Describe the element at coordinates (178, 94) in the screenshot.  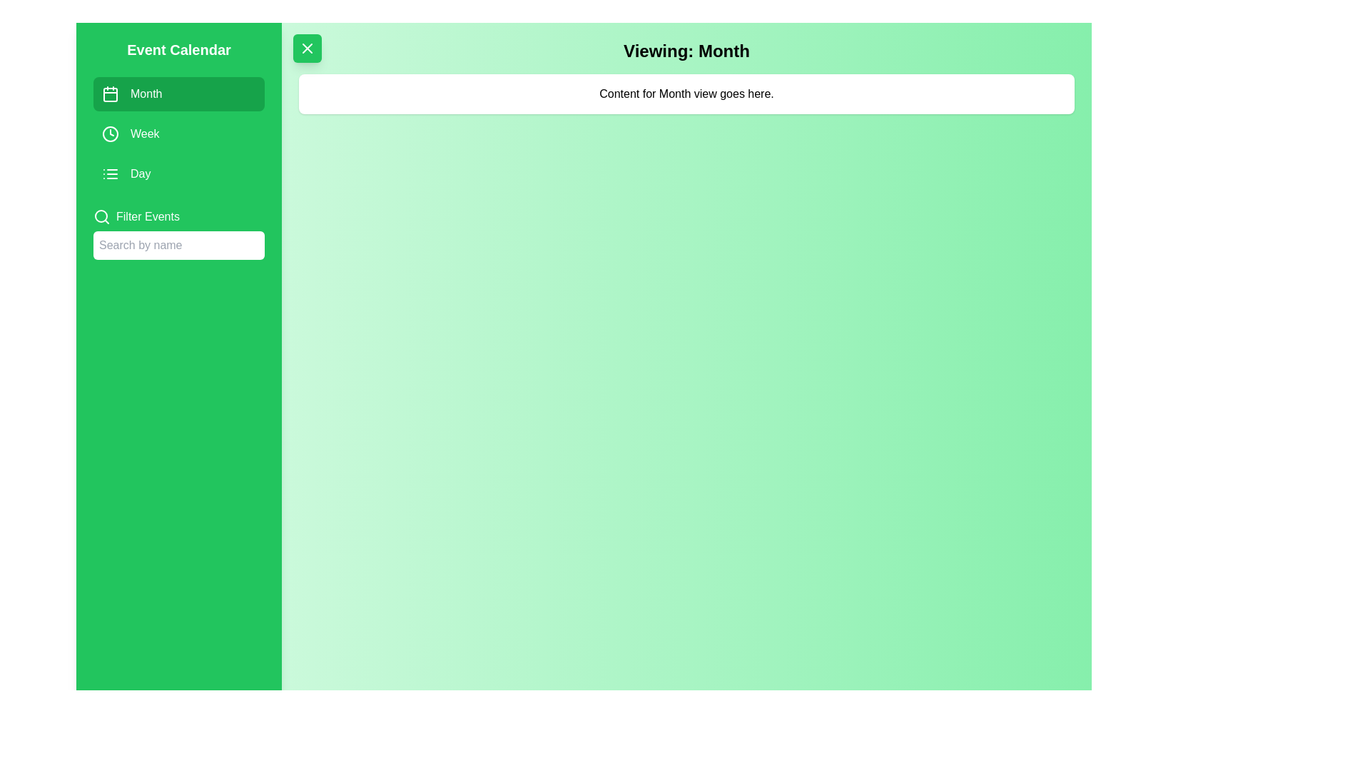
I see `the Month view in the calendar` at that location.